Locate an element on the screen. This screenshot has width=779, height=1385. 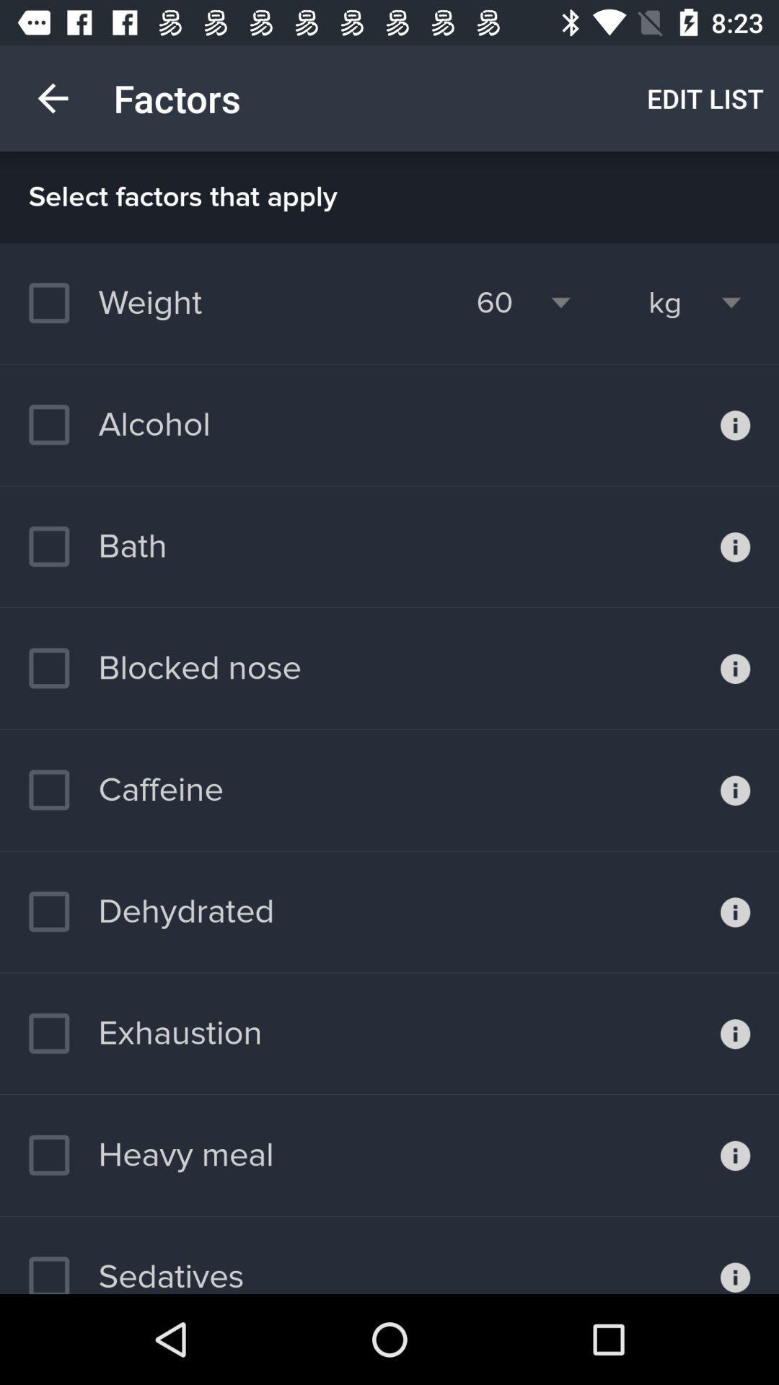
the icon above select factors that icon is located at coordinates (705, 97).